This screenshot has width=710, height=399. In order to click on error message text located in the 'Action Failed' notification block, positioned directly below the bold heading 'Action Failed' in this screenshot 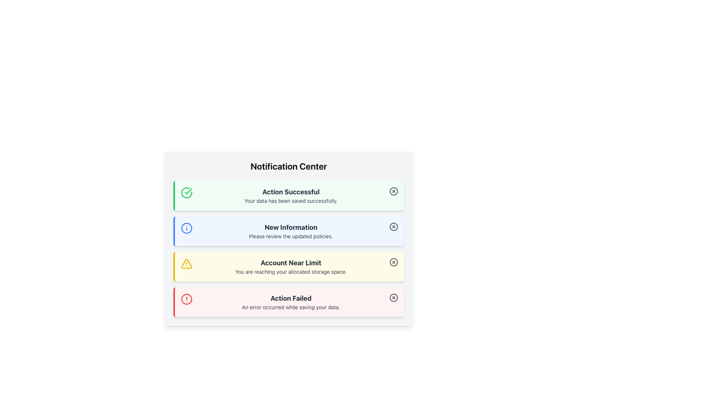, I will do `click(291, 307)`.